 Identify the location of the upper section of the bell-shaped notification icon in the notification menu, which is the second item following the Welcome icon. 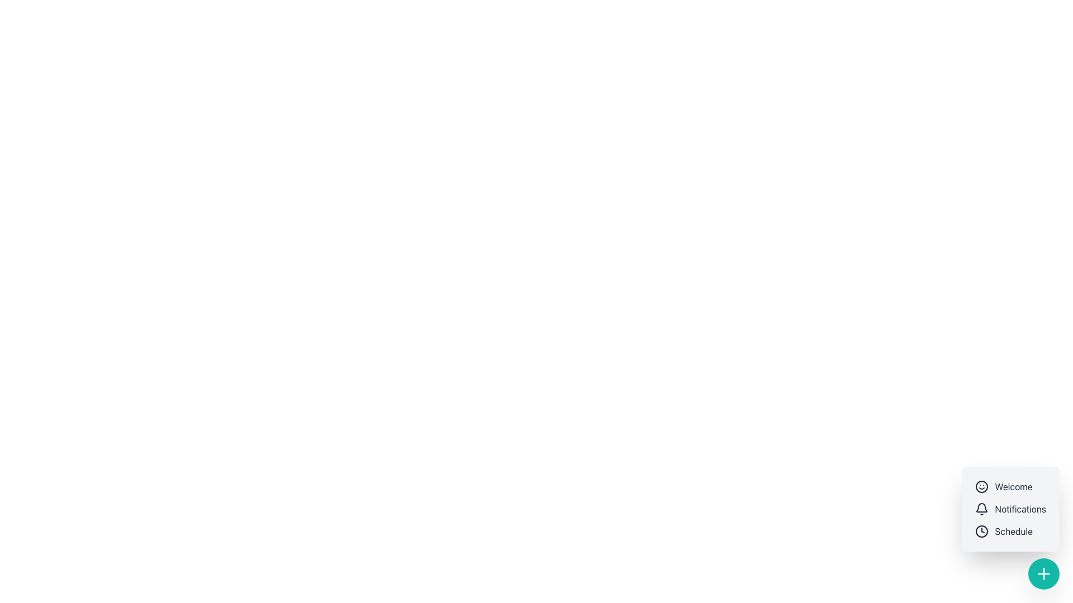
(981, 508).